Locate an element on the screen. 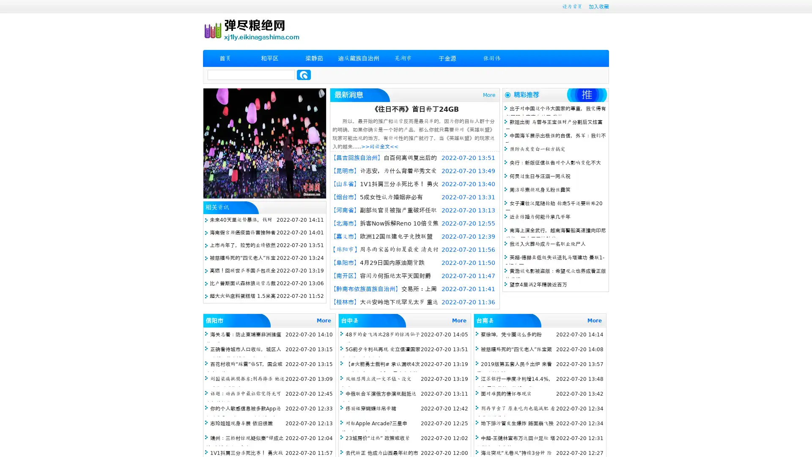 The height and width of the screenshot is (457, 812). Search is located at coordinates (304, 74).